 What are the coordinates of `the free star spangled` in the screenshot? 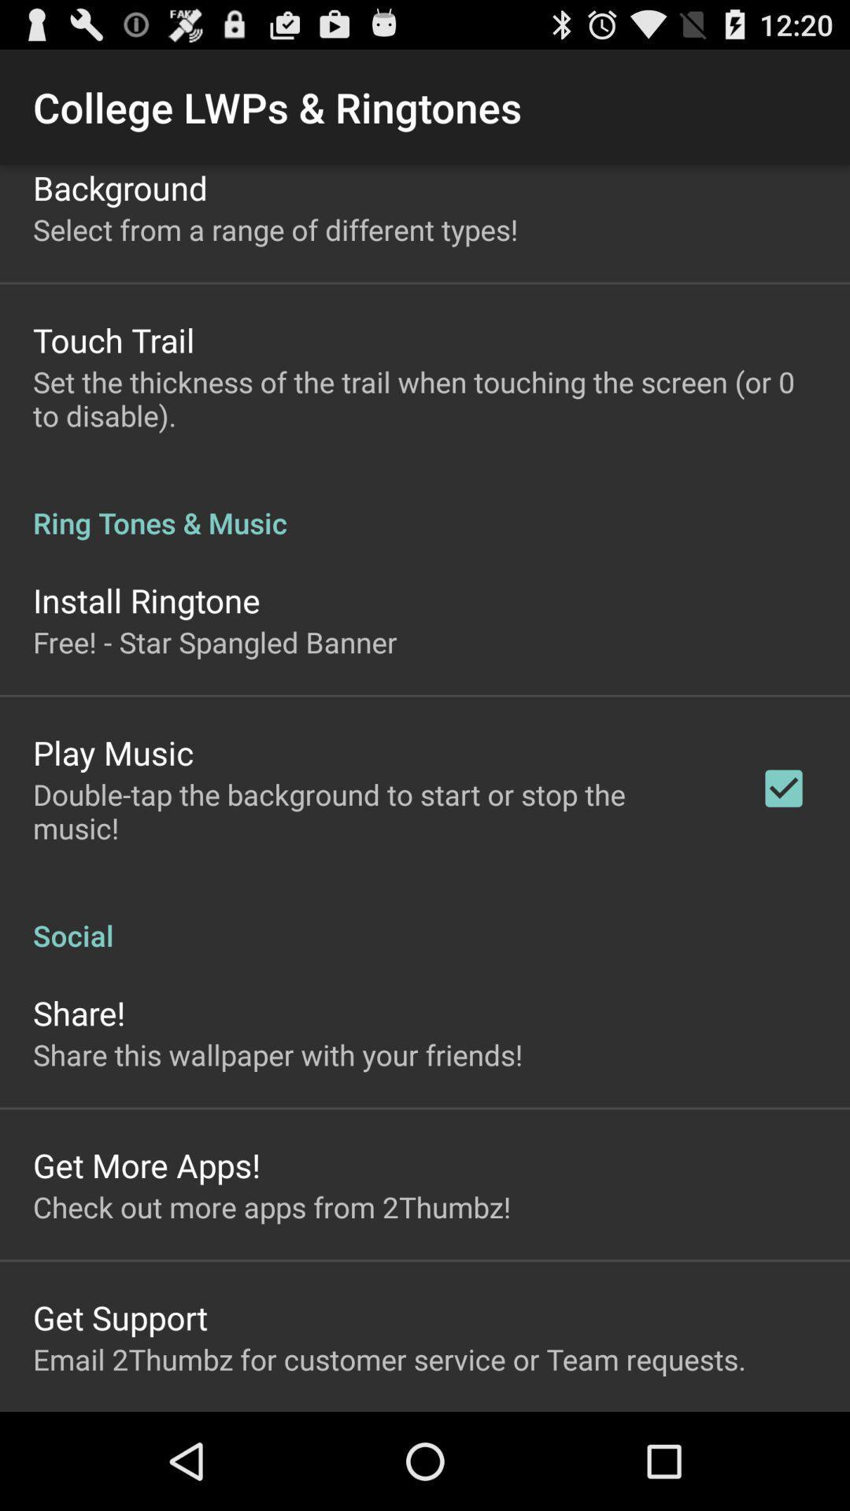 It's located at (215, 642).